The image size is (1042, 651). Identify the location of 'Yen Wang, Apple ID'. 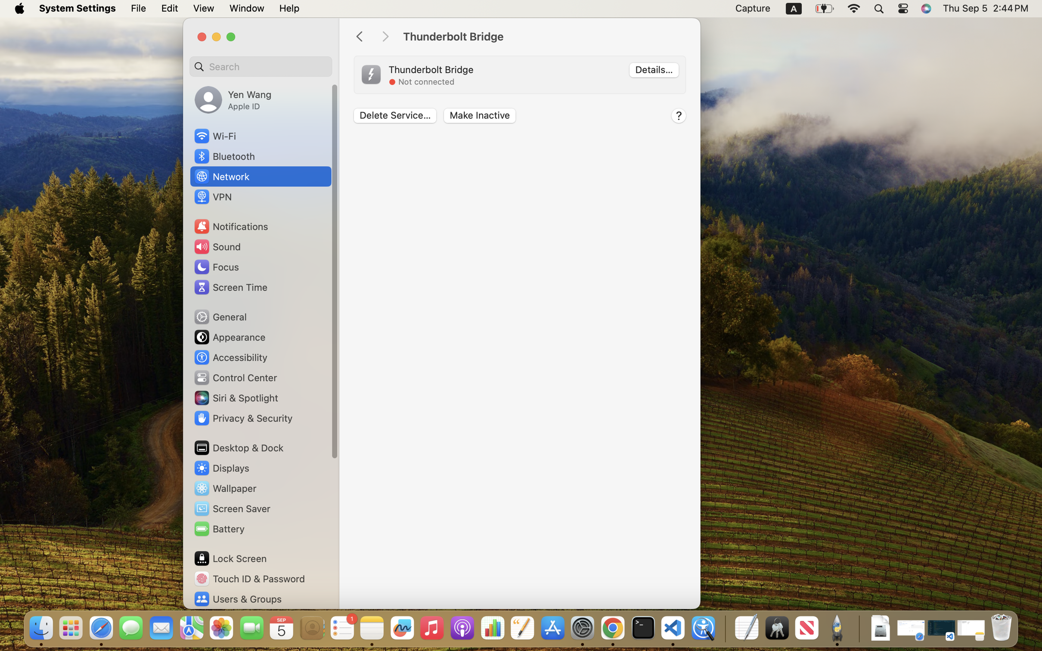
(232, 99).